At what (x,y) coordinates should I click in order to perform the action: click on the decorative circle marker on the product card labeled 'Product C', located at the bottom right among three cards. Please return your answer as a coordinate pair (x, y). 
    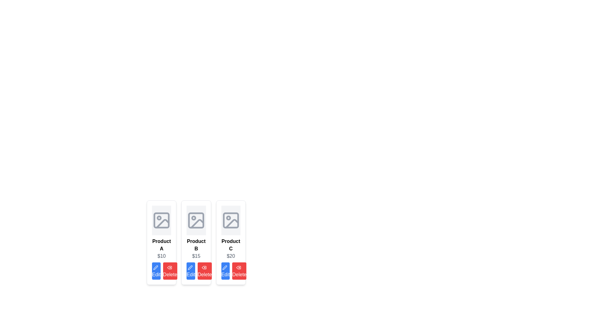
    Looking at the image, I should click on (228, 218).